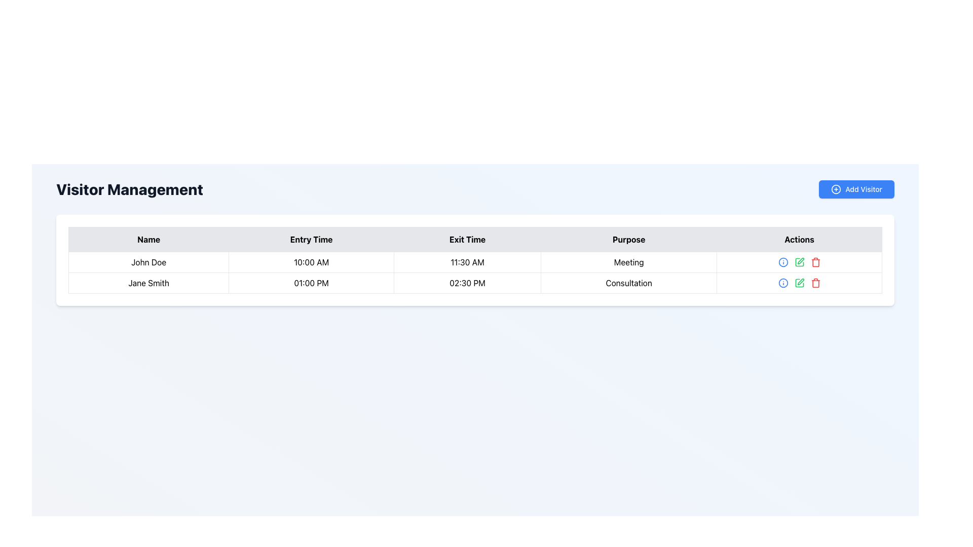  I want to click on the green edit icon in the interactive icons group located in the rightmost cell of the second row of the 'Visitor Management' table, corresponding to the 'Consultation' purpose, so click(799, 283).